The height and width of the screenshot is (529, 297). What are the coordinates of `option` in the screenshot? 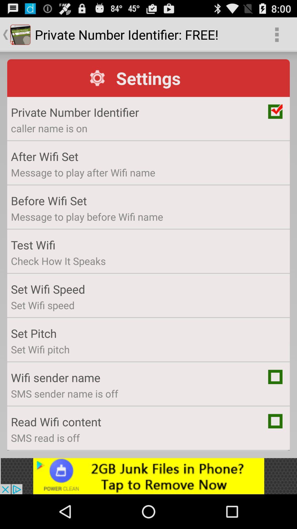 It's located at (275, 421).